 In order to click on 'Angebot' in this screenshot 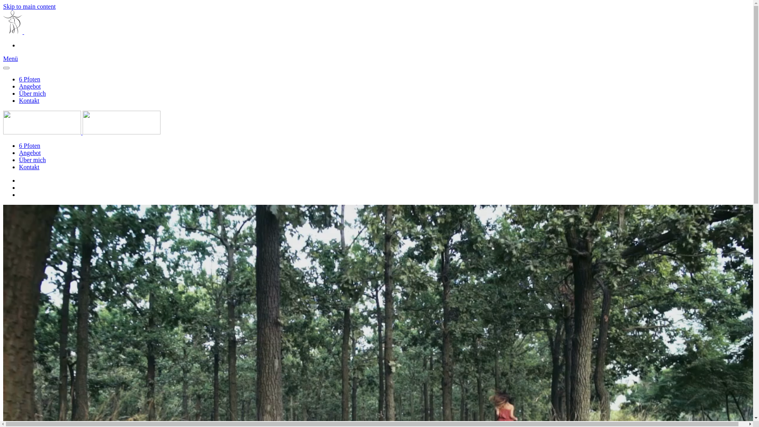, I will do `click(30, 86)`.